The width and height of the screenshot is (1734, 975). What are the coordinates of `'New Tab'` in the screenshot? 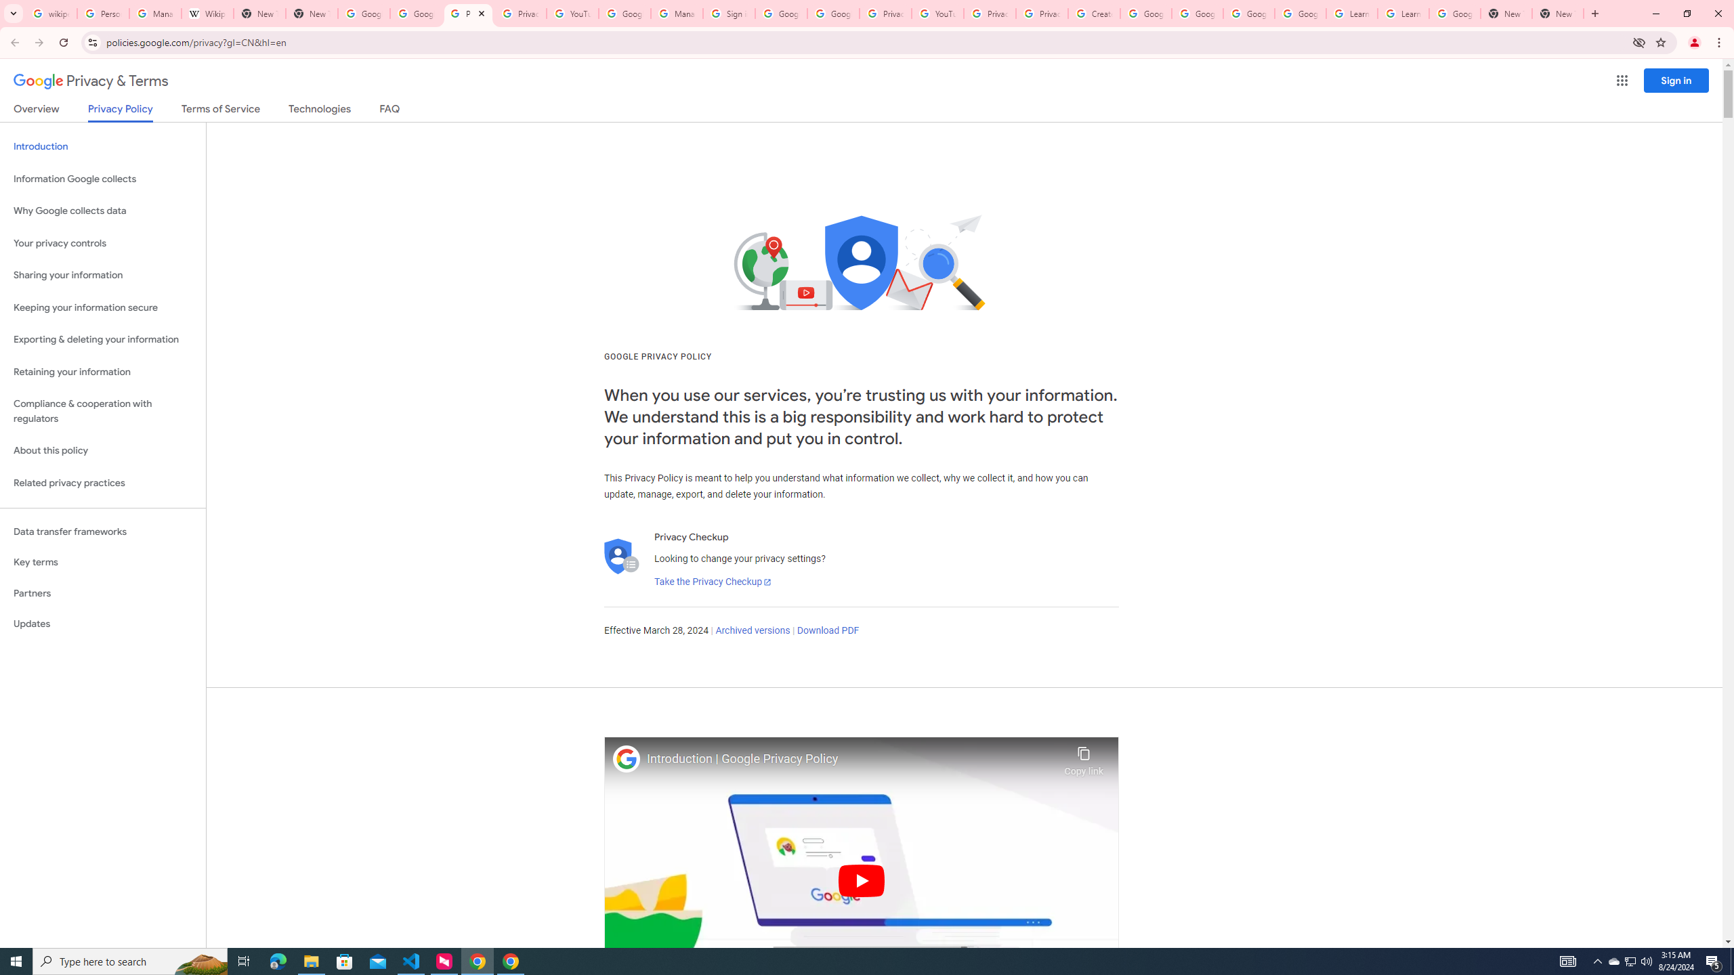 It's located at (1505, 13).